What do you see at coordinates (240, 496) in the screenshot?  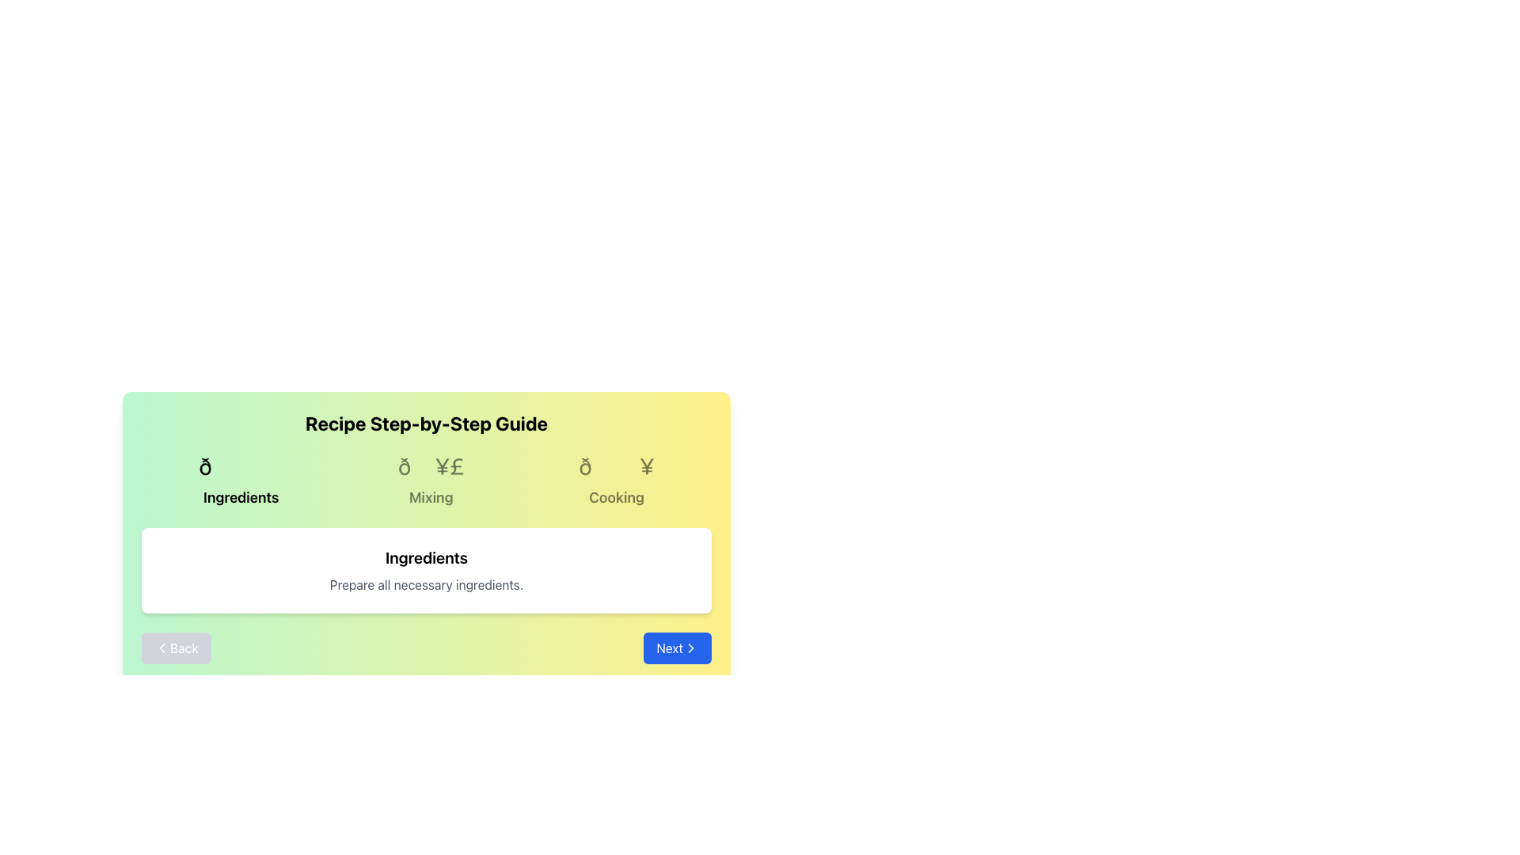 I see `the 'Ingredients' text label which is bold and positioned below an emoji-like icon in the top-left region of the interface` at bounding box center [240, 496].